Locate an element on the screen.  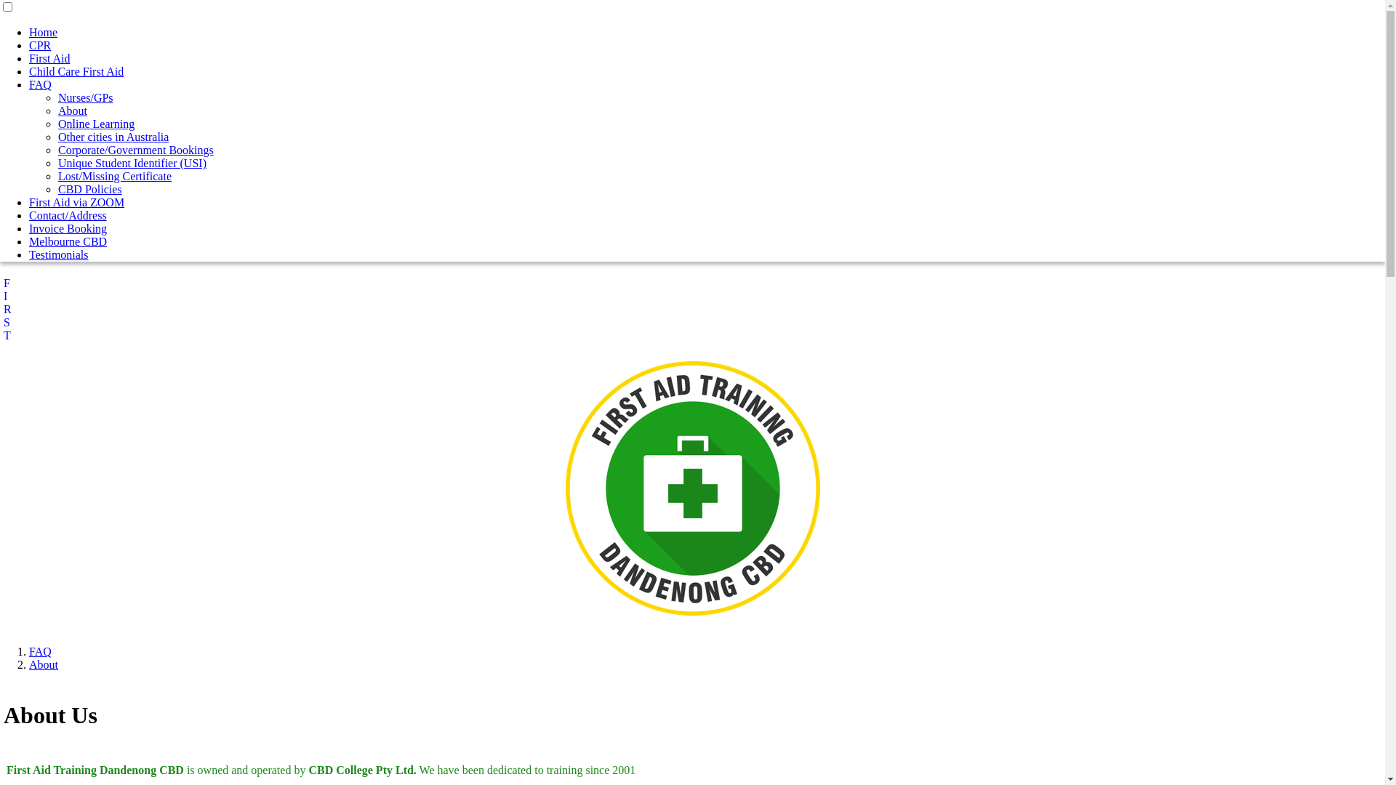
'First Aid via ZOOM' is located at coordinates (76, 202).